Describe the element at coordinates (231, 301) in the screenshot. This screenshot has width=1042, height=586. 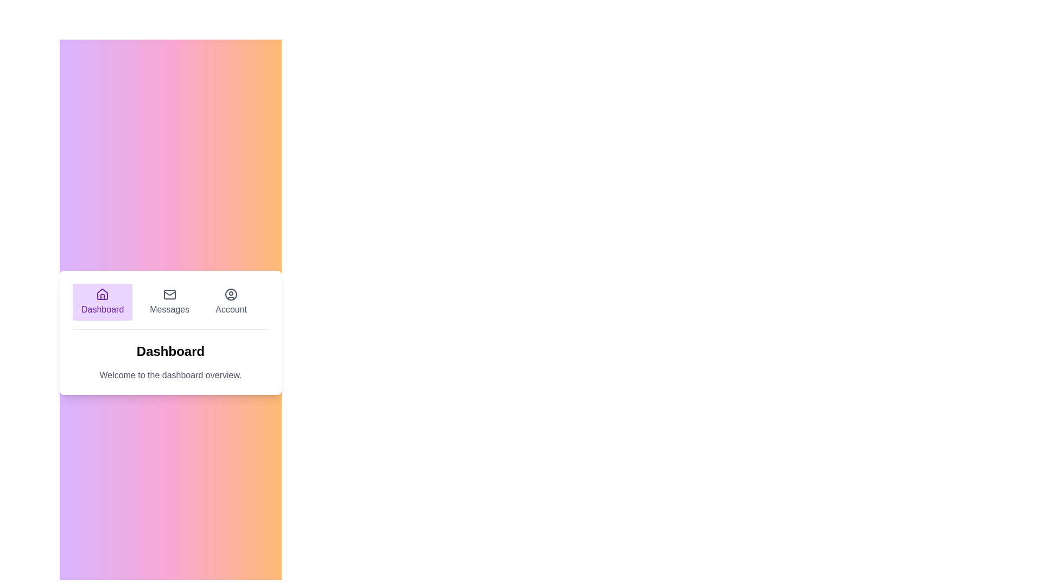
I see `the Account tab by clicking on it` at that location.